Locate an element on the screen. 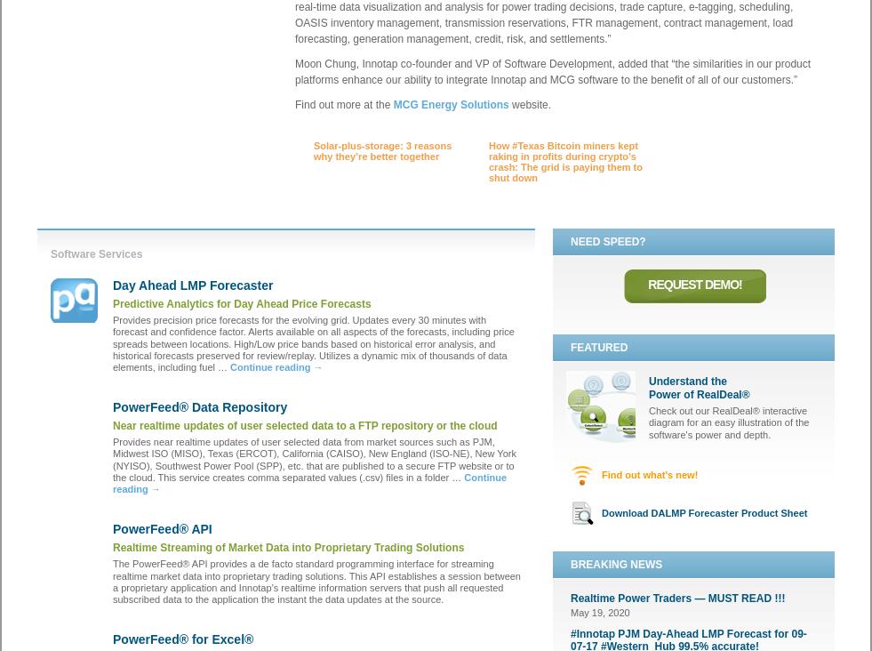 This screenshot has height=651, width=872. '#Shell, the Oil Giant, Will Sell Renewable Energy to #Texans' is located at coordinates (312, 512).